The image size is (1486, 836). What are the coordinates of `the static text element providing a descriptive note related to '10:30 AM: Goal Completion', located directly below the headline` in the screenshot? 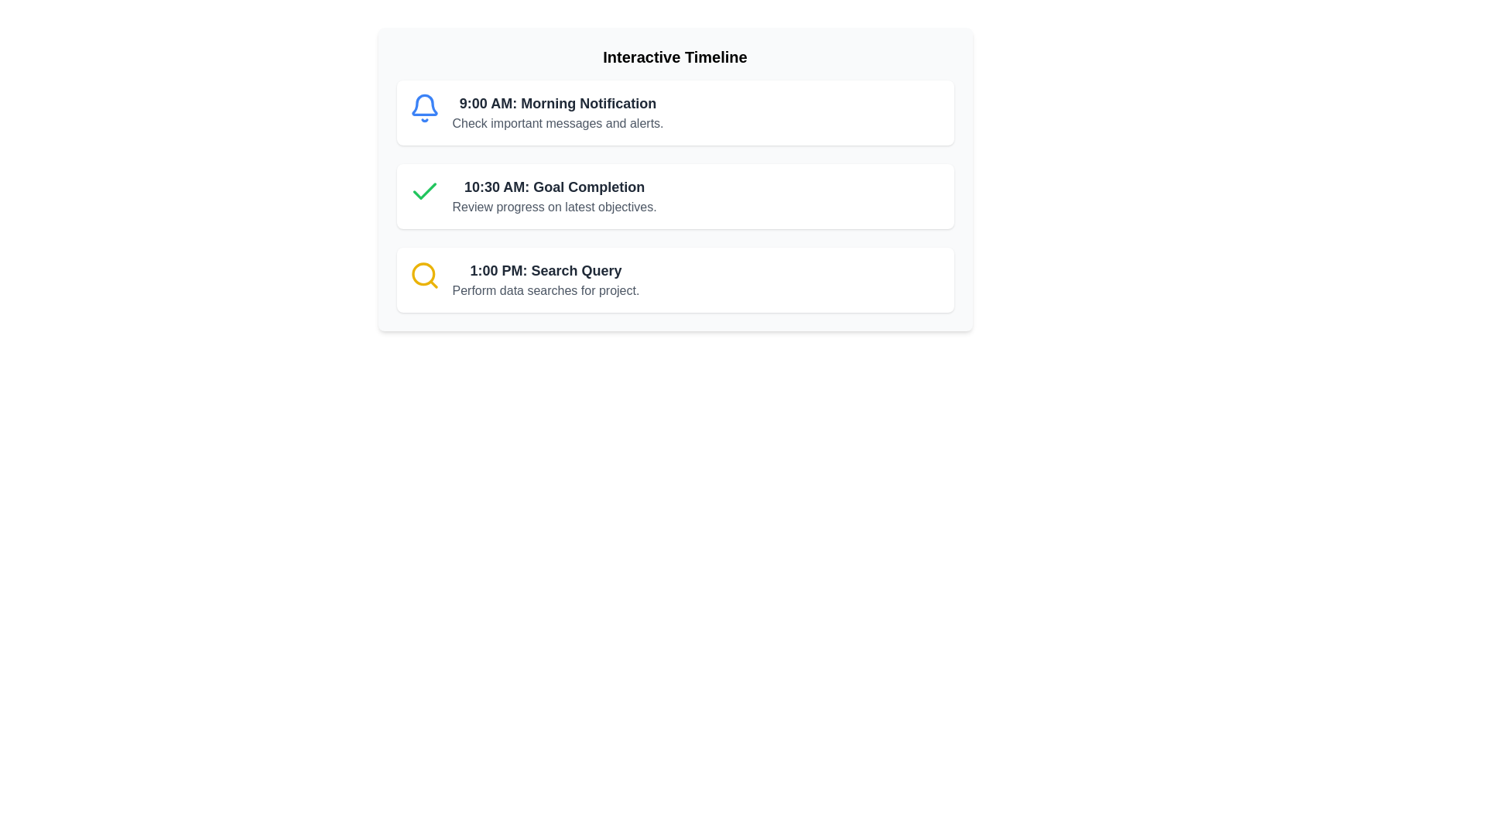 It's located at (554, 206).